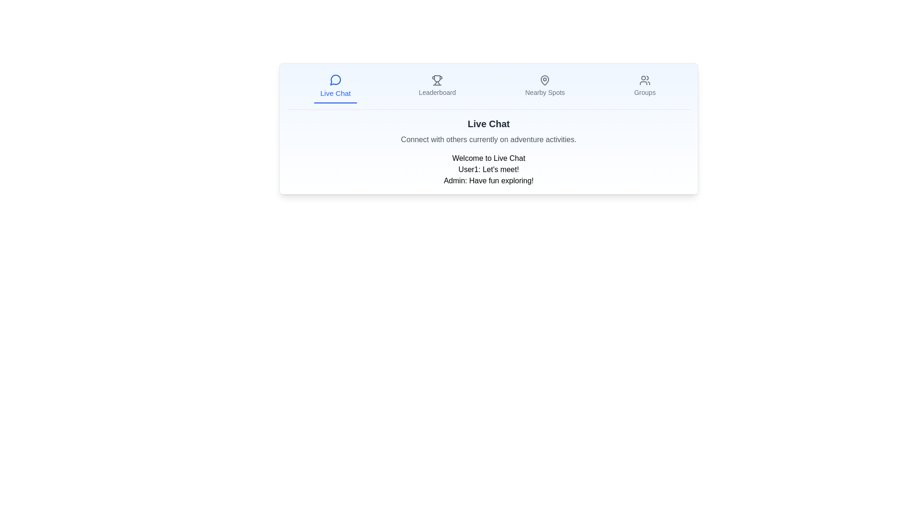 Image resolution: width=898 pixels, height=505 pixels. Describe the element at coordinates (545, 87) in the screenshot. I see `the Navigation item labeled 'Nearby Spots', which features a map pin icon and is positioned third in the horizontal navigation bar` at that location.